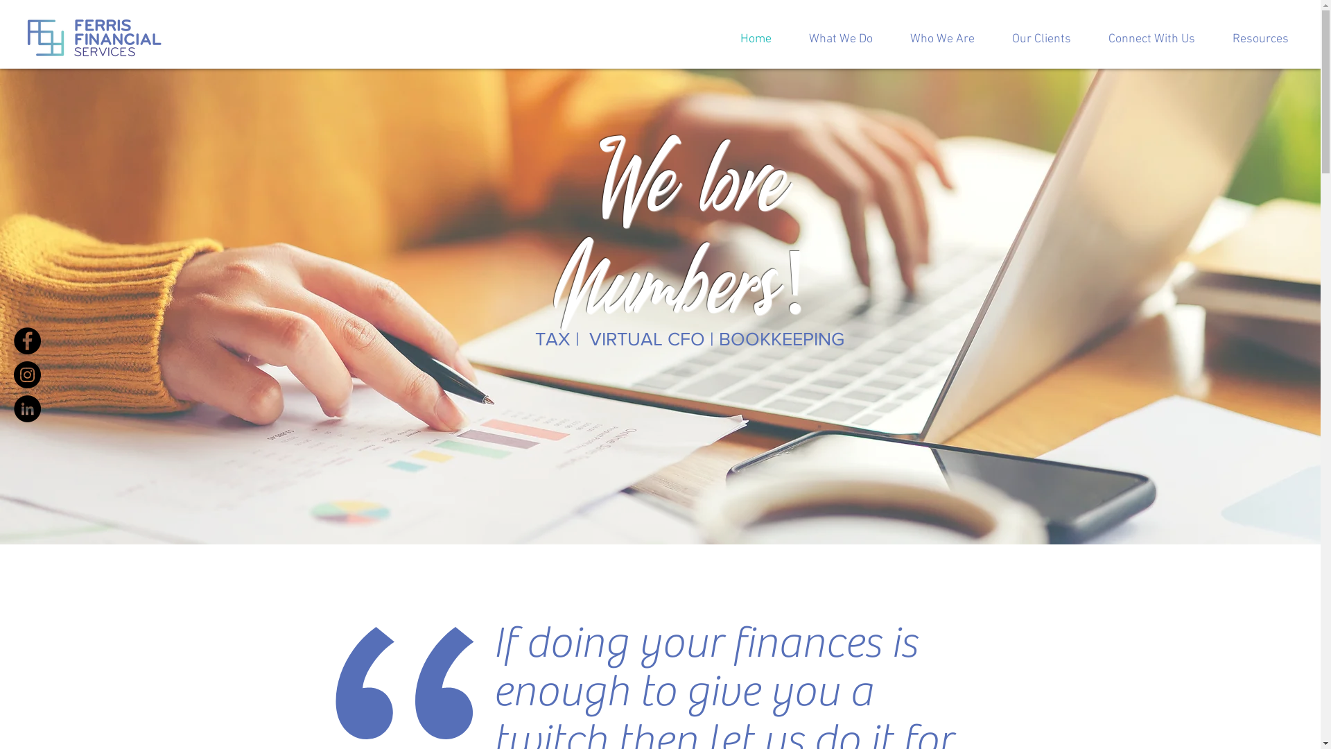 This screenshot has width=1331, height=749. I want to click on 'What We Do', so click(790, 38).